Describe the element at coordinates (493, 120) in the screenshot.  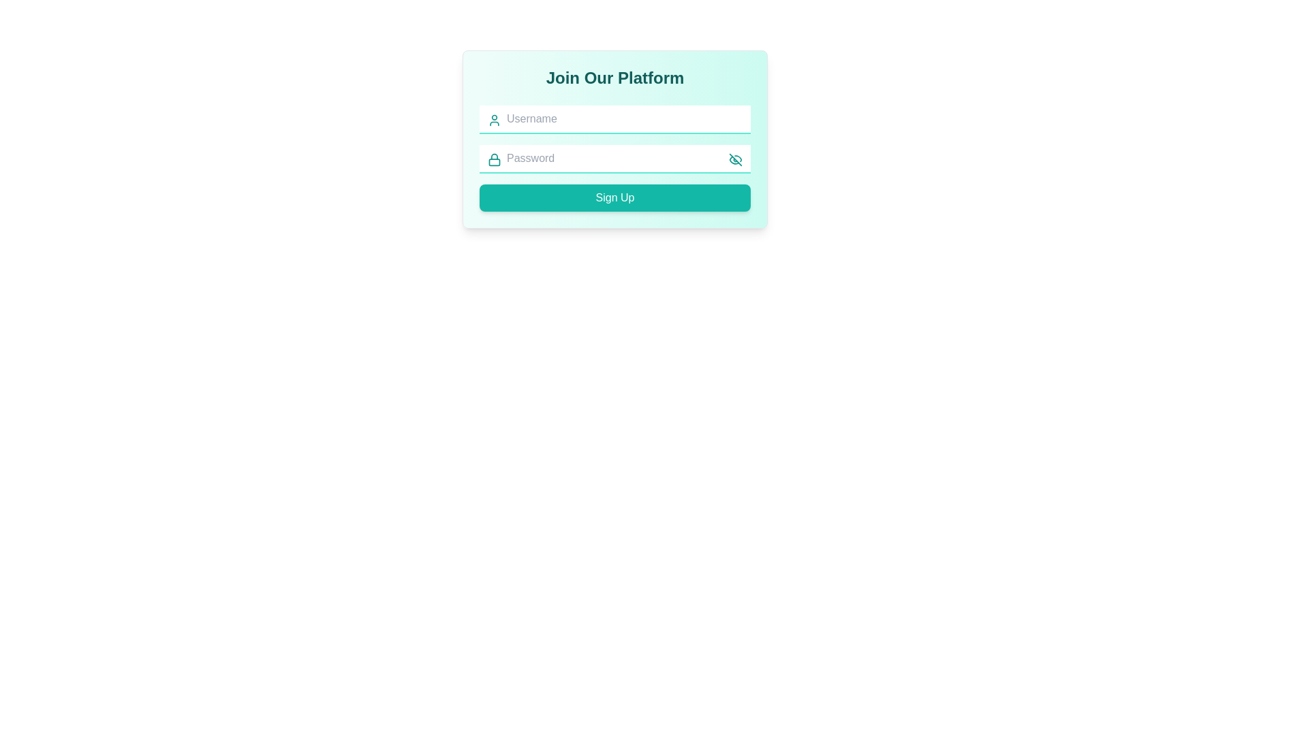
I see `the user silhouette icon located at the left edge of the username input field in the login or registration form` at that location.